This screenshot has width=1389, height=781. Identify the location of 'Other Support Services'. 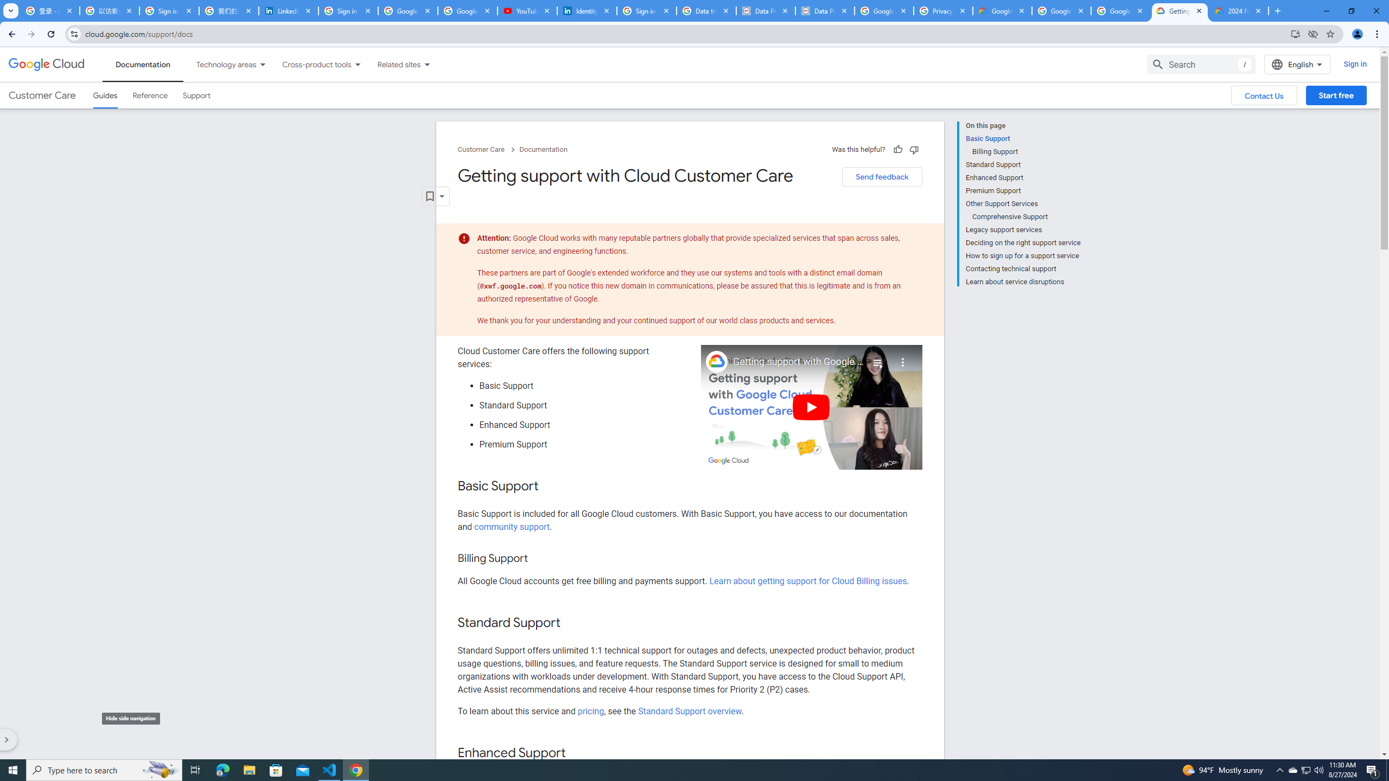
(1022, 203).